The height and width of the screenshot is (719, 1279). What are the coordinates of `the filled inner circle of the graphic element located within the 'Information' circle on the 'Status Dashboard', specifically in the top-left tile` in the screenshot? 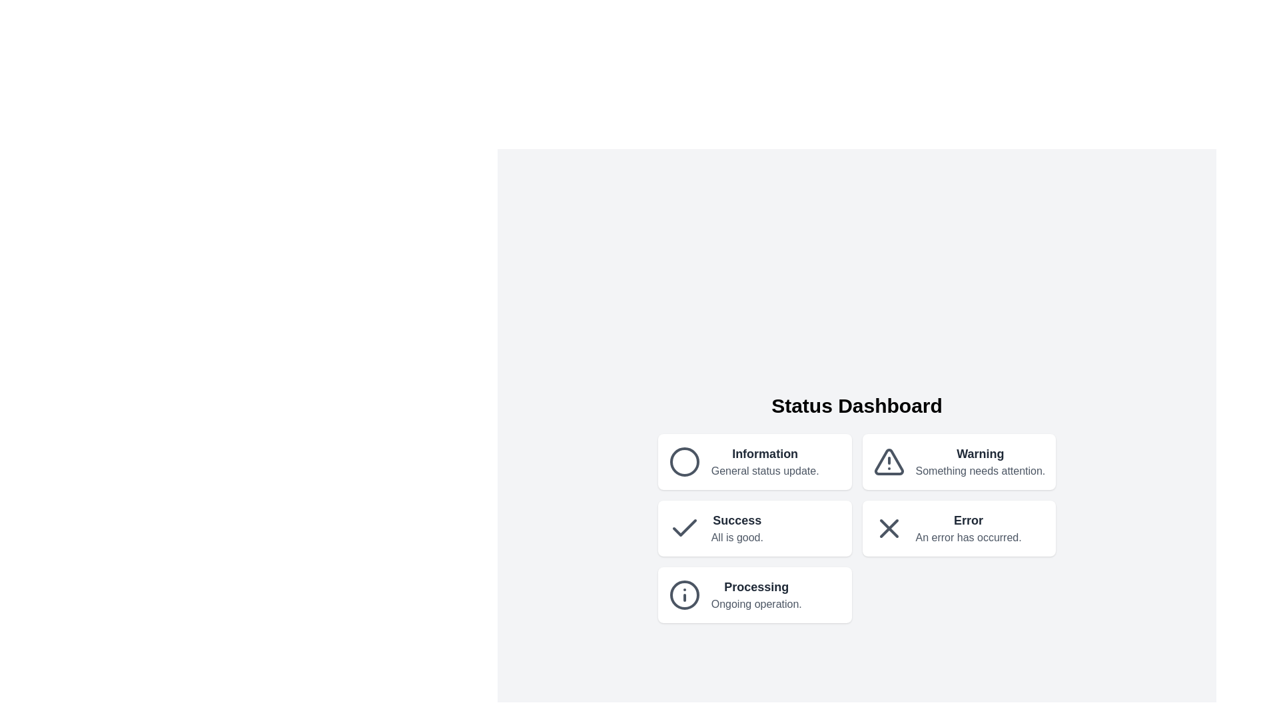 It's located at (684, 461).